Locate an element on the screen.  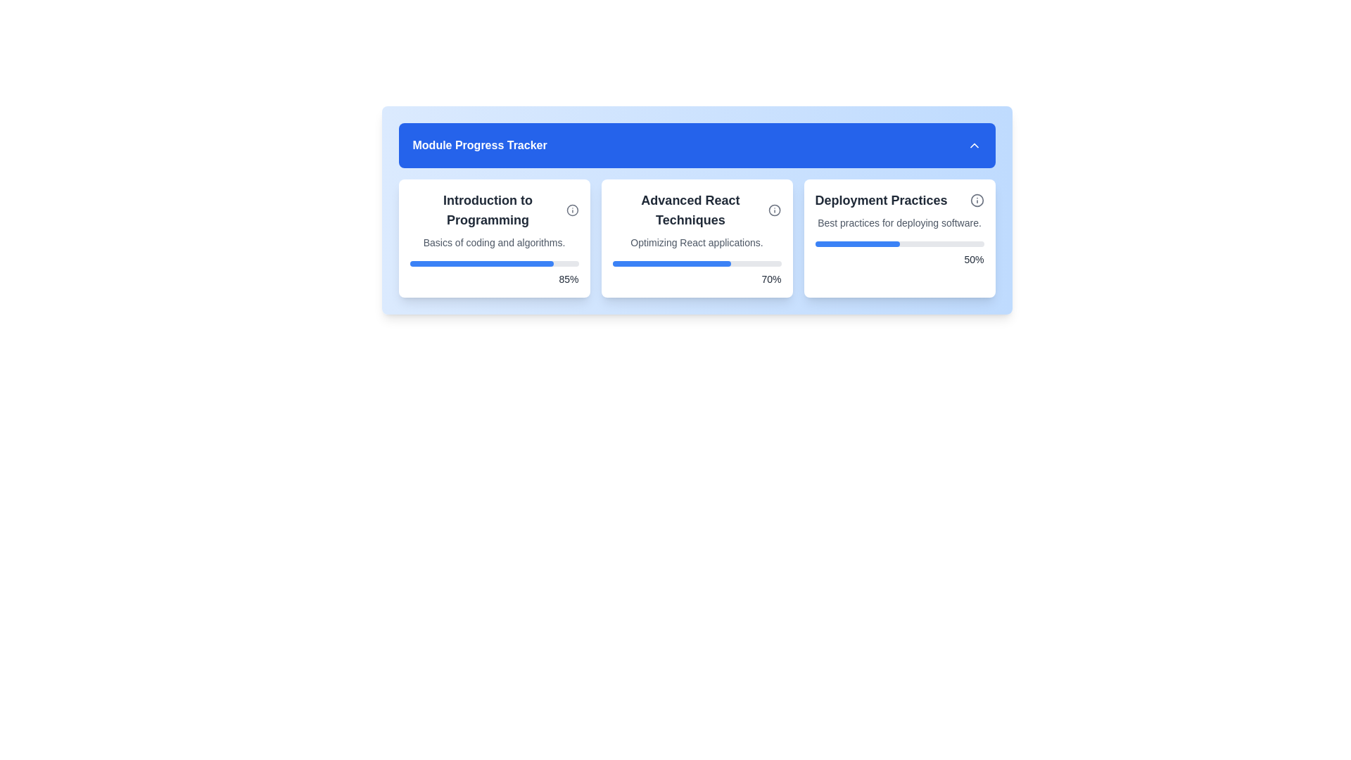
the label/header titled 'Advanced React Techniques' which is centered horizontally in the middle card of a three-card sequence is located at coordinates (697, 210).